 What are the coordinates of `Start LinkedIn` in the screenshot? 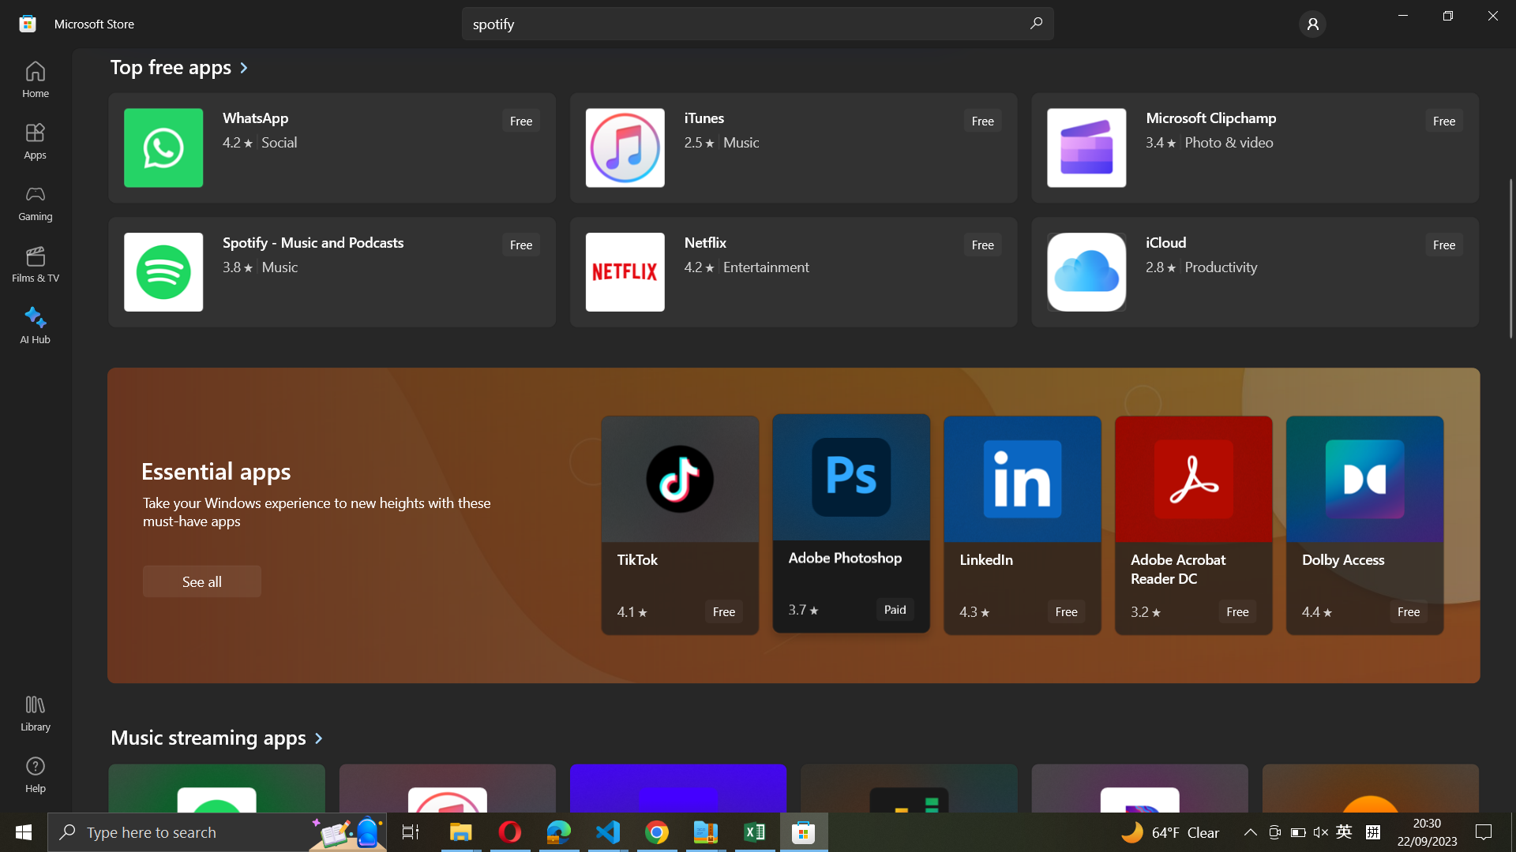 It's located at (1023, 526).